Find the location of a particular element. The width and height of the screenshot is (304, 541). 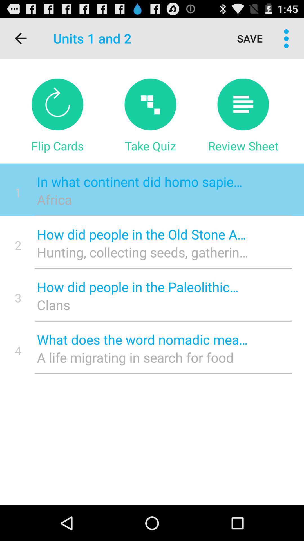

icon above review sheet is located at coordinates (243, 104).